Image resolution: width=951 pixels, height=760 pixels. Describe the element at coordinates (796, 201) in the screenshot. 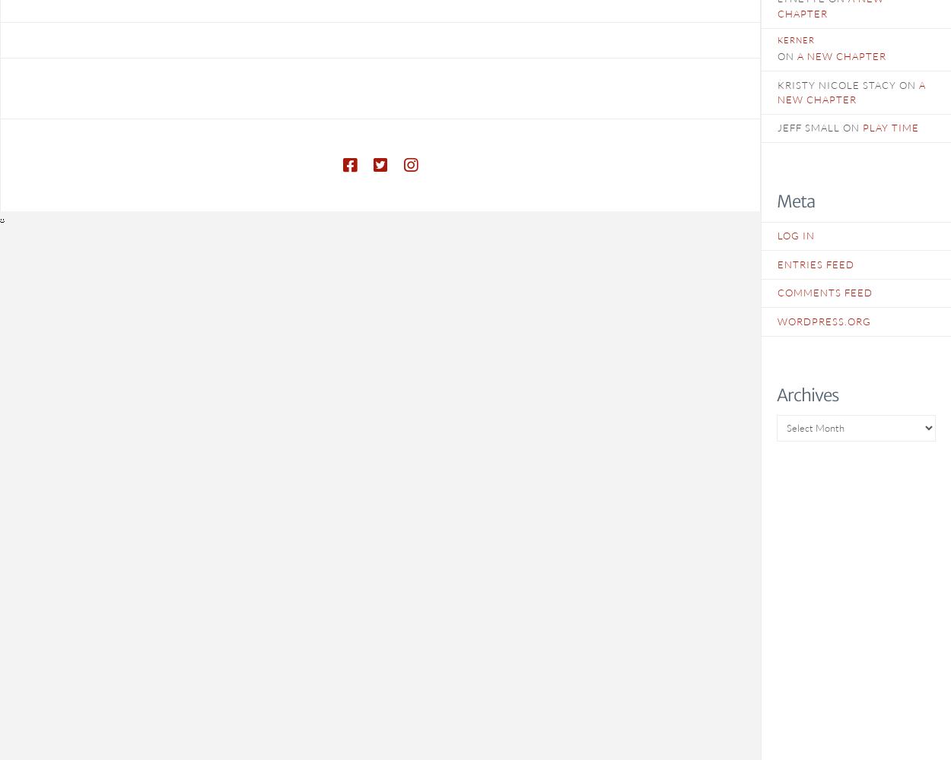

I see `'Meta'` at that location.